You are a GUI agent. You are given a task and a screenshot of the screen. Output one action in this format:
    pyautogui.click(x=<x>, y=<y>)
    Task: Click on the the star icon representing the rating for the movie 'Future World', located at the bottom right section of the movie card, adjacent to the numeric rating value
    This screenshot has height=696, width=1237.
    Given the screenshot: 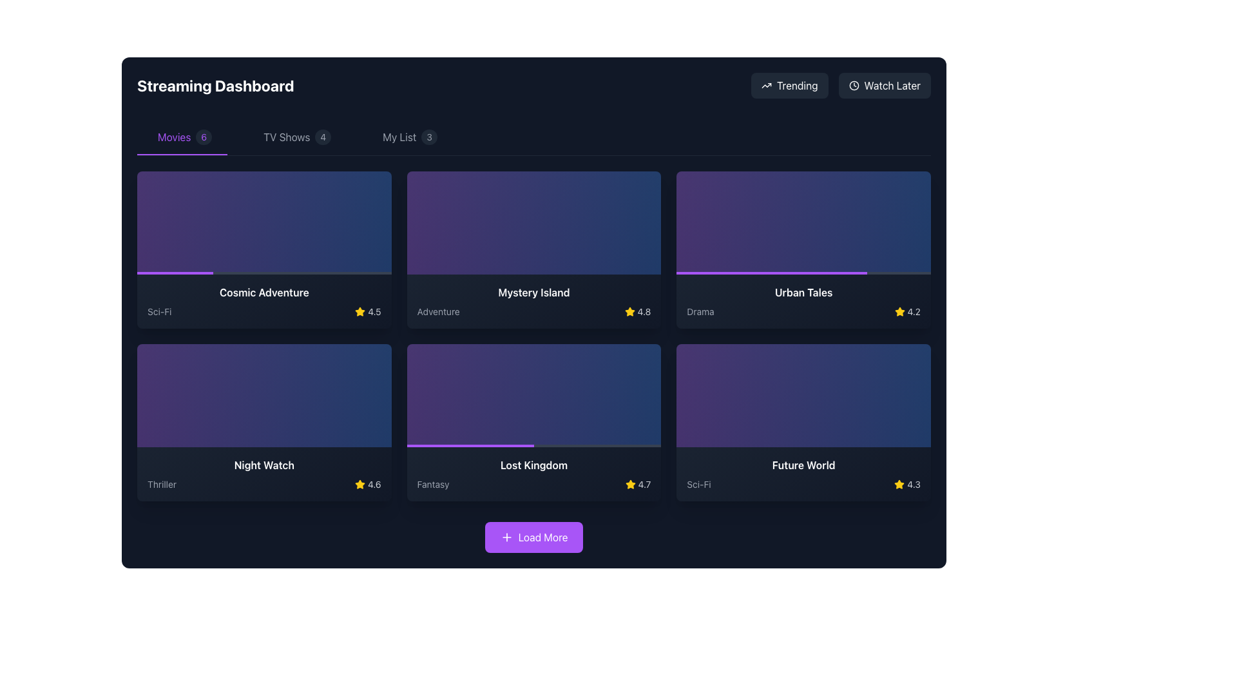 What is the action you would take?
    pyautogui.click(x=899, y=484)
    